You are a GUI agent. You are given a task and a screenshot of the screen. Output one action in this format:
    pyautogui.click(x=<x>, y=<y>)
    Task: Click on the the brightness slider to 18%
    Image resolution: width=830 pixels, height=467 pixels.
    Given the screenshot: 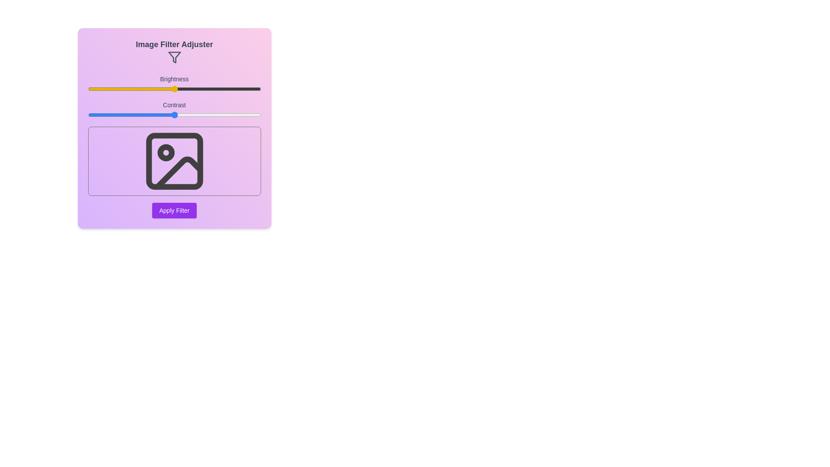 What is the action you would take?
    pyautogui.click(x=118, y=89)
    